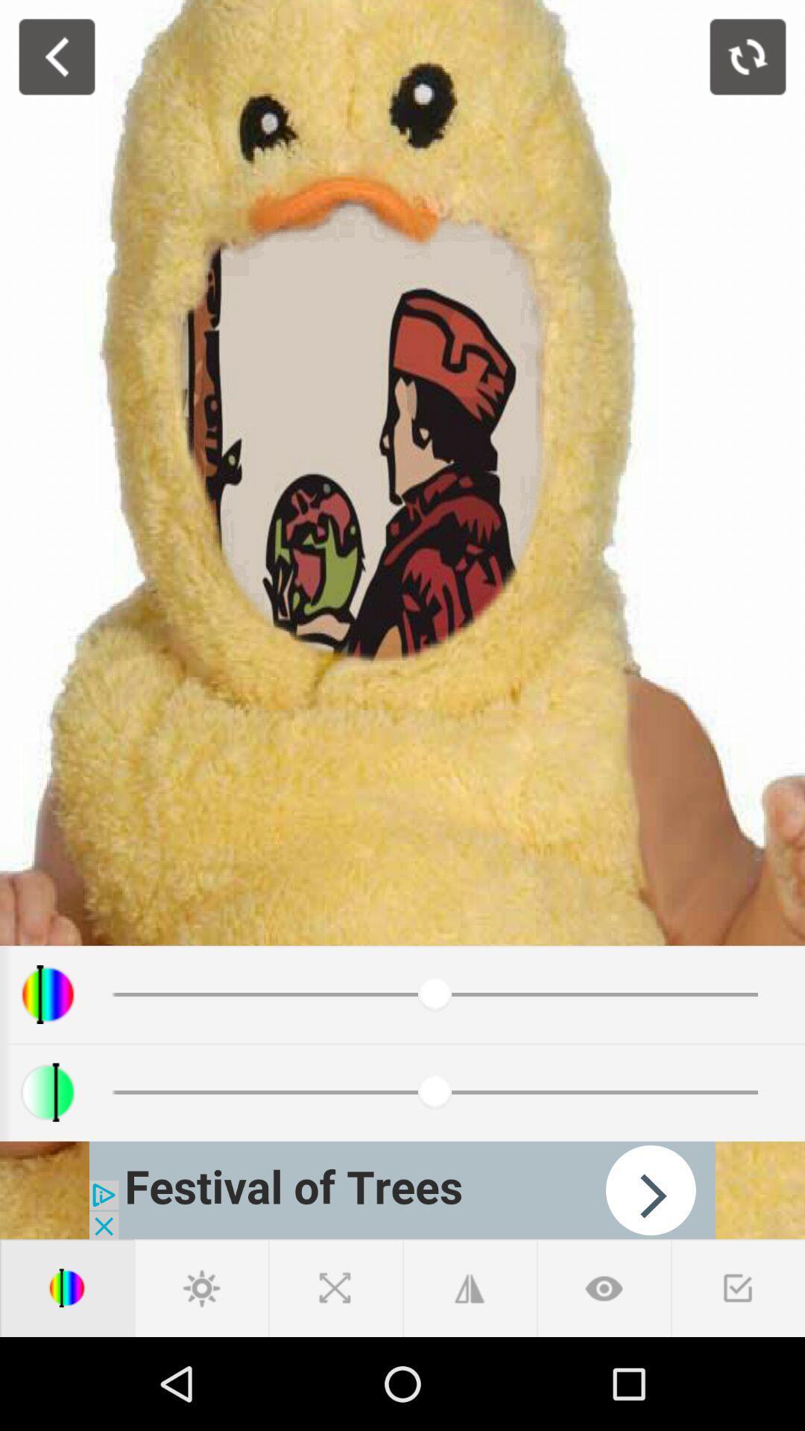 This screenshot has width=805, height=1431. I want to click on change angle, so click(468, 1287).